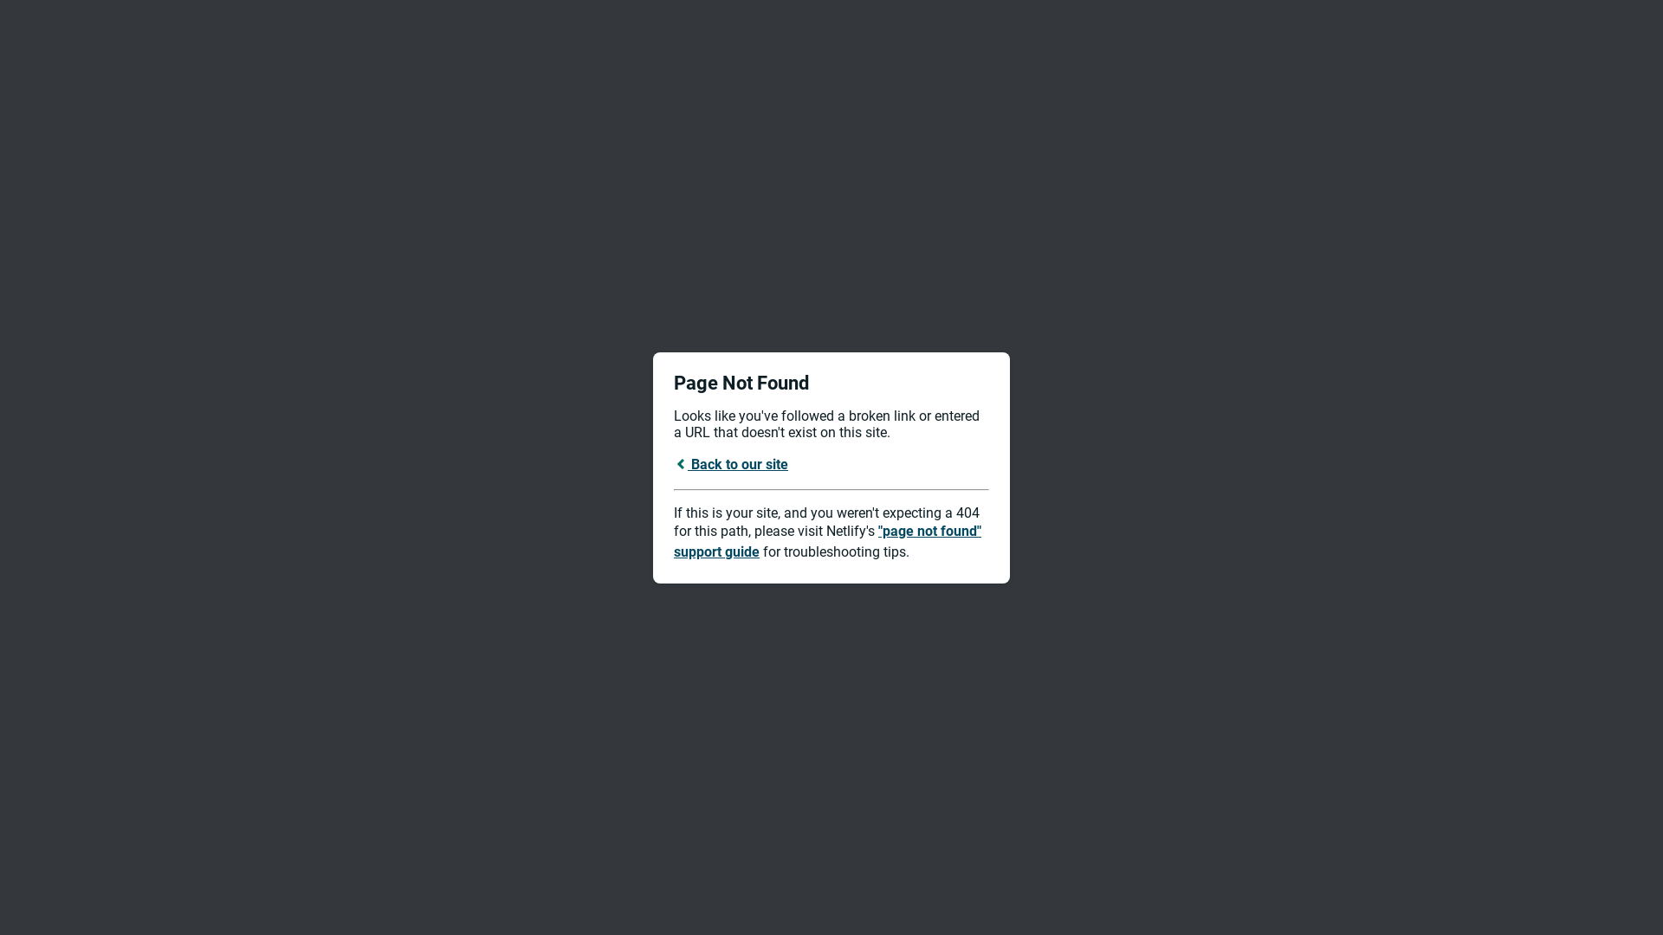 Image resolution: width=1663 pixels, height=935 pixels. I want to click on 'Back to our site', so click(672, 462).